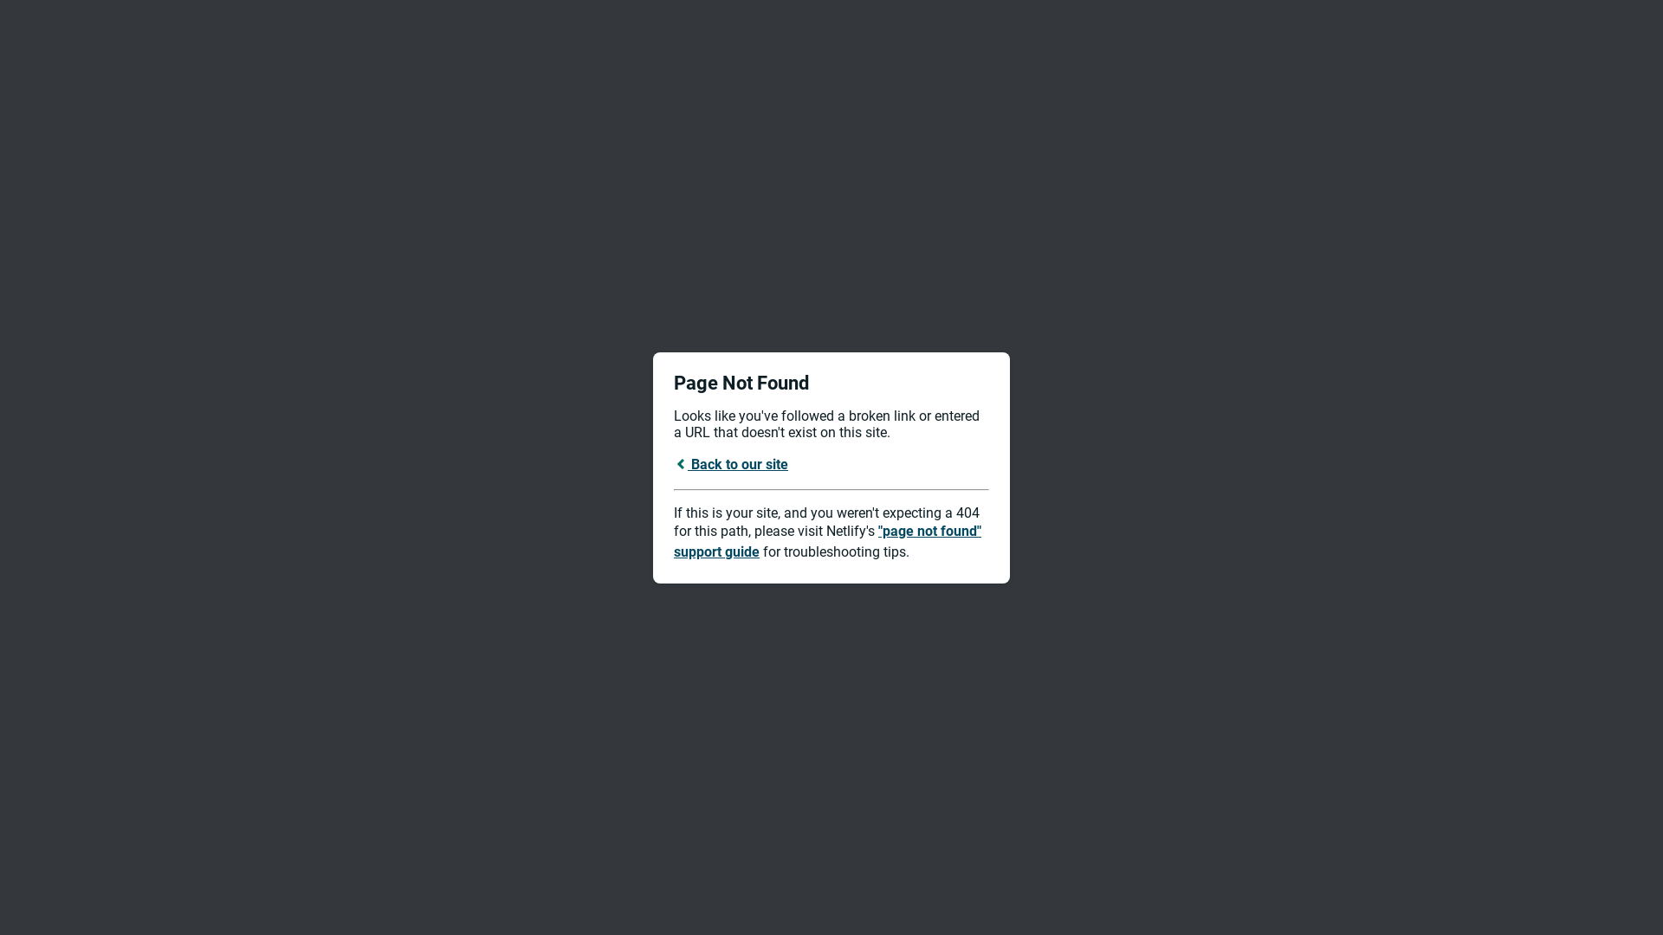 Image resolution: width=1663 pixels, height=935 pixels. I want to click on 'Back to our site', so click(672, 462).